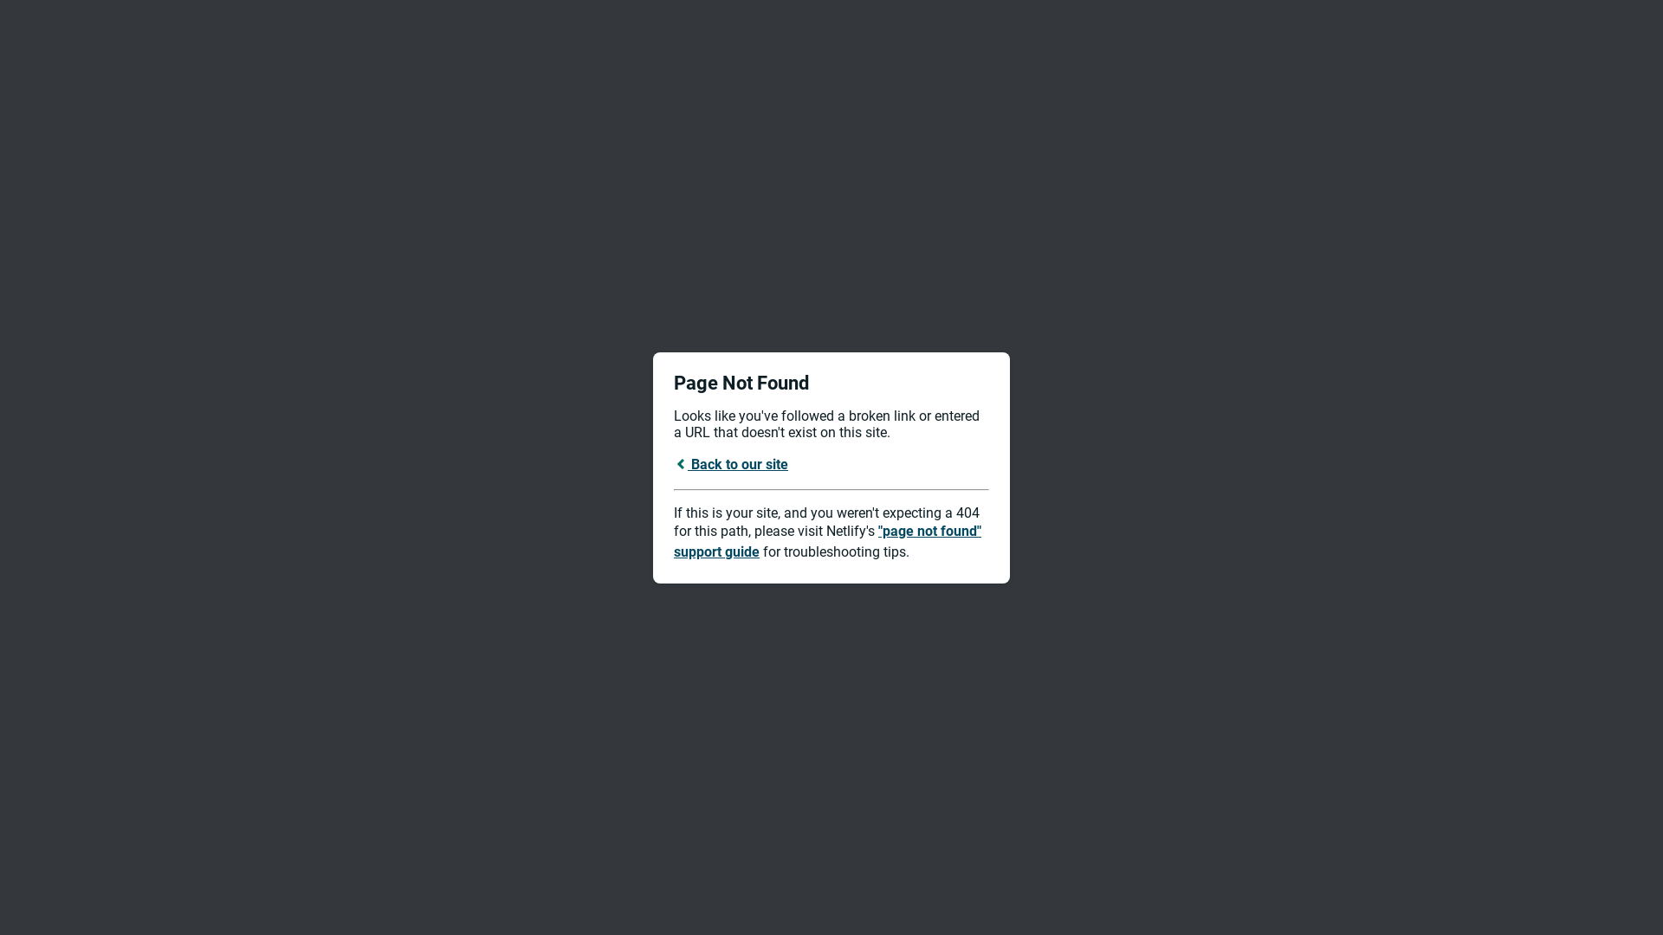 Image resolution: width=1663 pixels, height=935 pixels. I want to click on 'Back to our site', so click(672, 462).